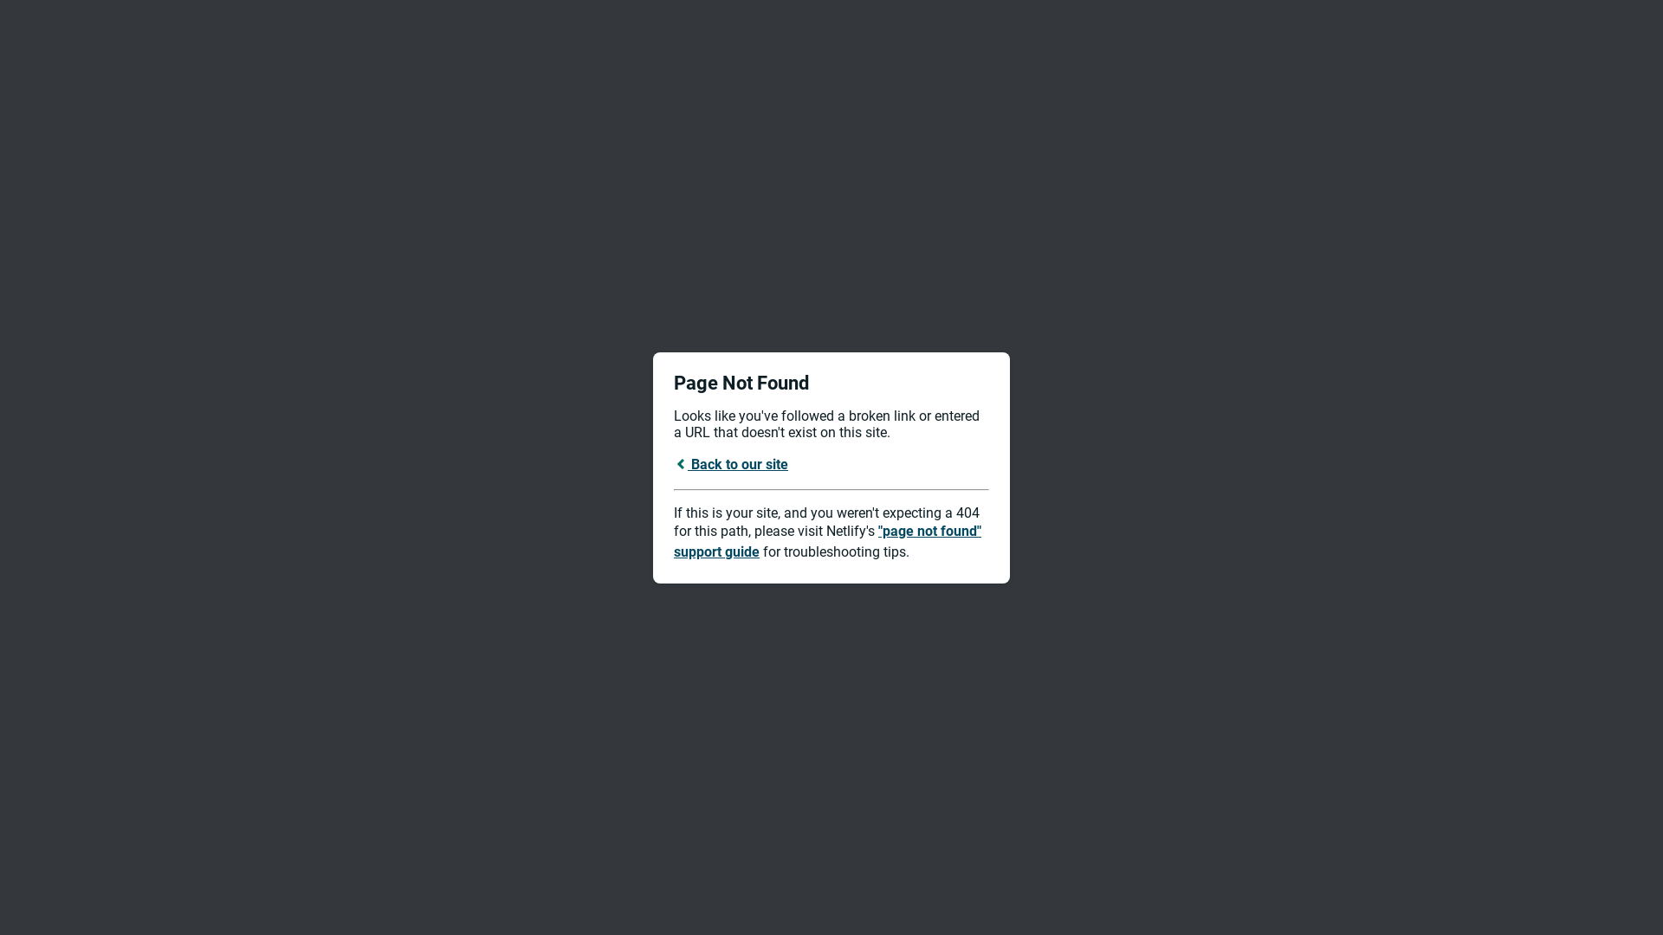 Image resolution: width=1663 pixels, height=935 pixels. I want to click on 'Back to our site', so click(672, 462).